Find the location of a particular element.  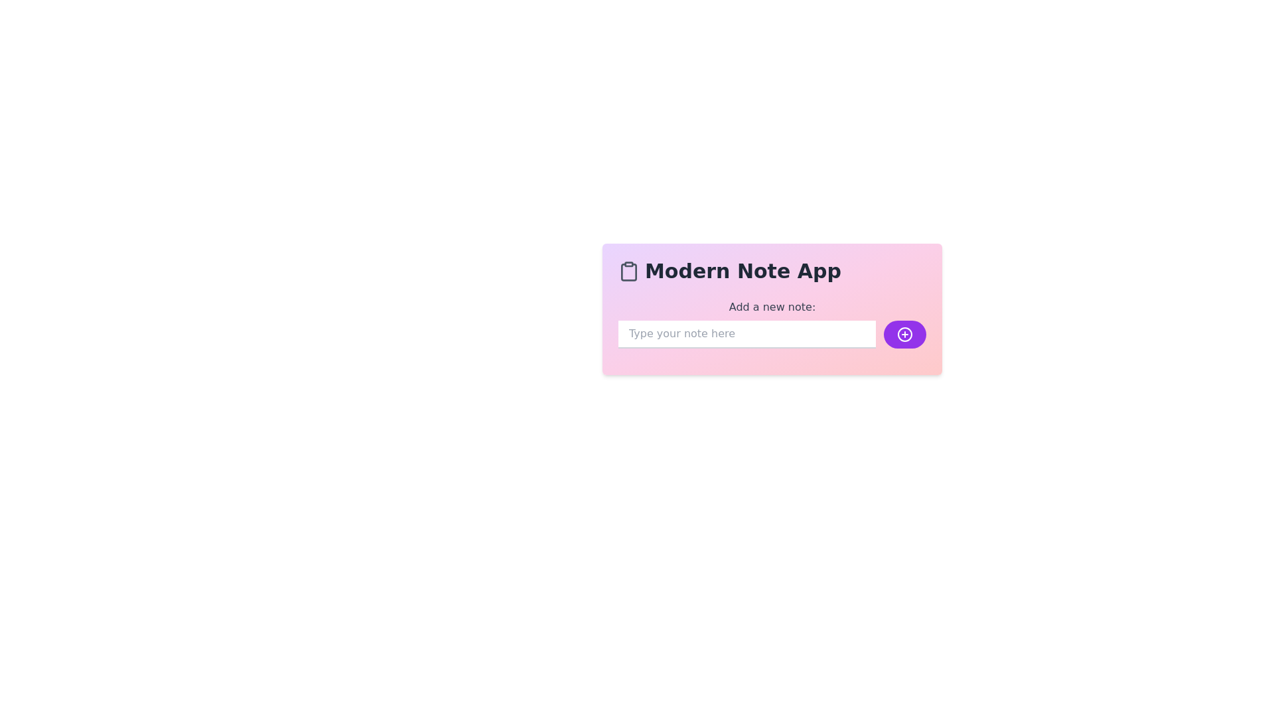

the circular outline within the '+' button icon located at the bottom-right corner of the pink note creation interface to trigger tooltip effects is located at coordinates (904, 334).